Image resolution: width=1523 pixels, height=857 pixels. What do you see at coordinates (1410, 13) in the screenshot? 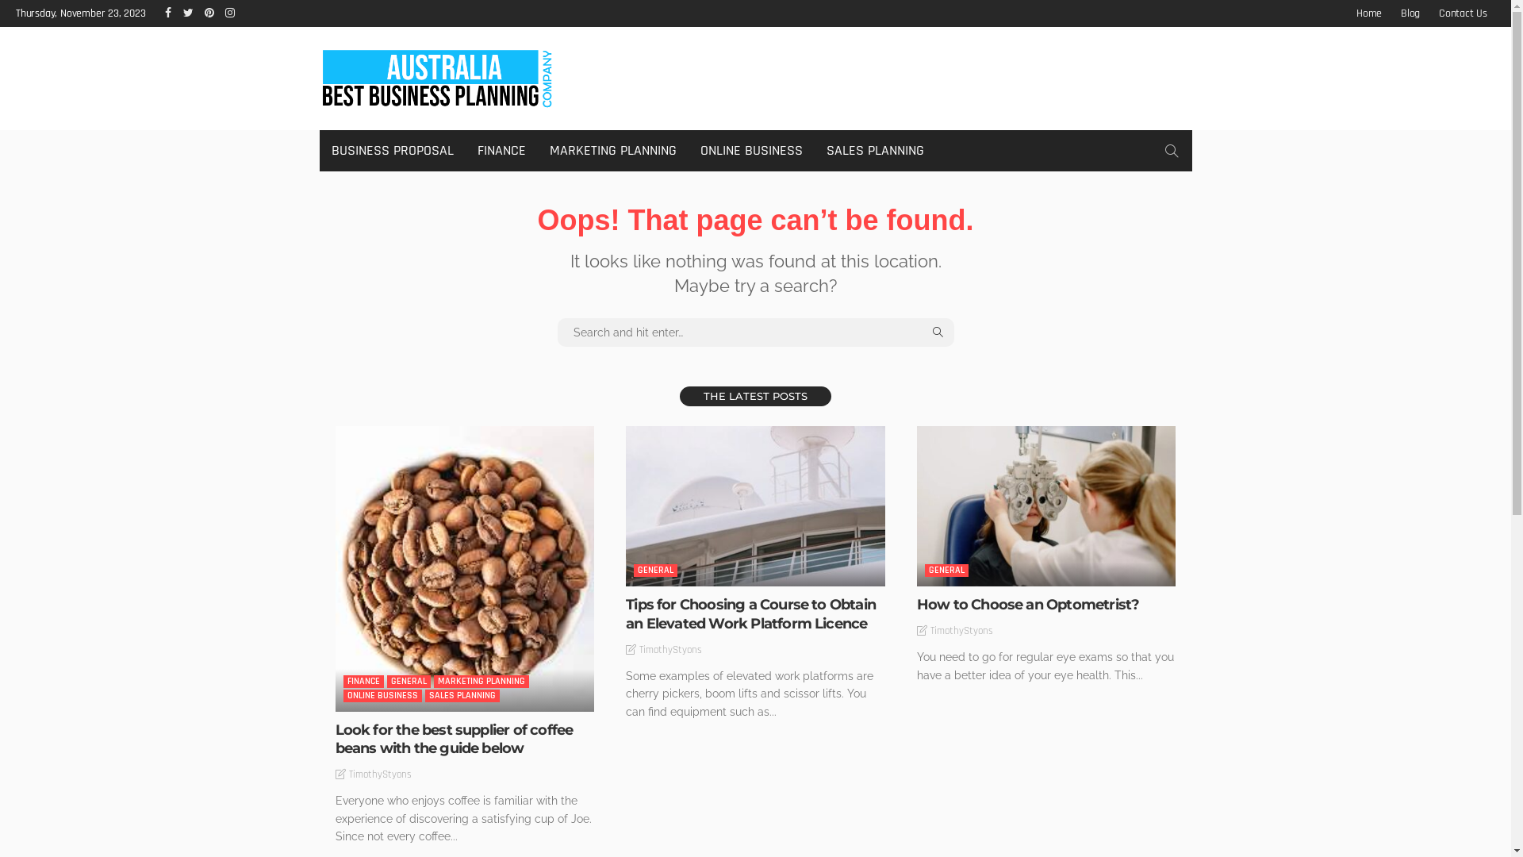
I see `'Blog'` at bounding box center [1410, 13].